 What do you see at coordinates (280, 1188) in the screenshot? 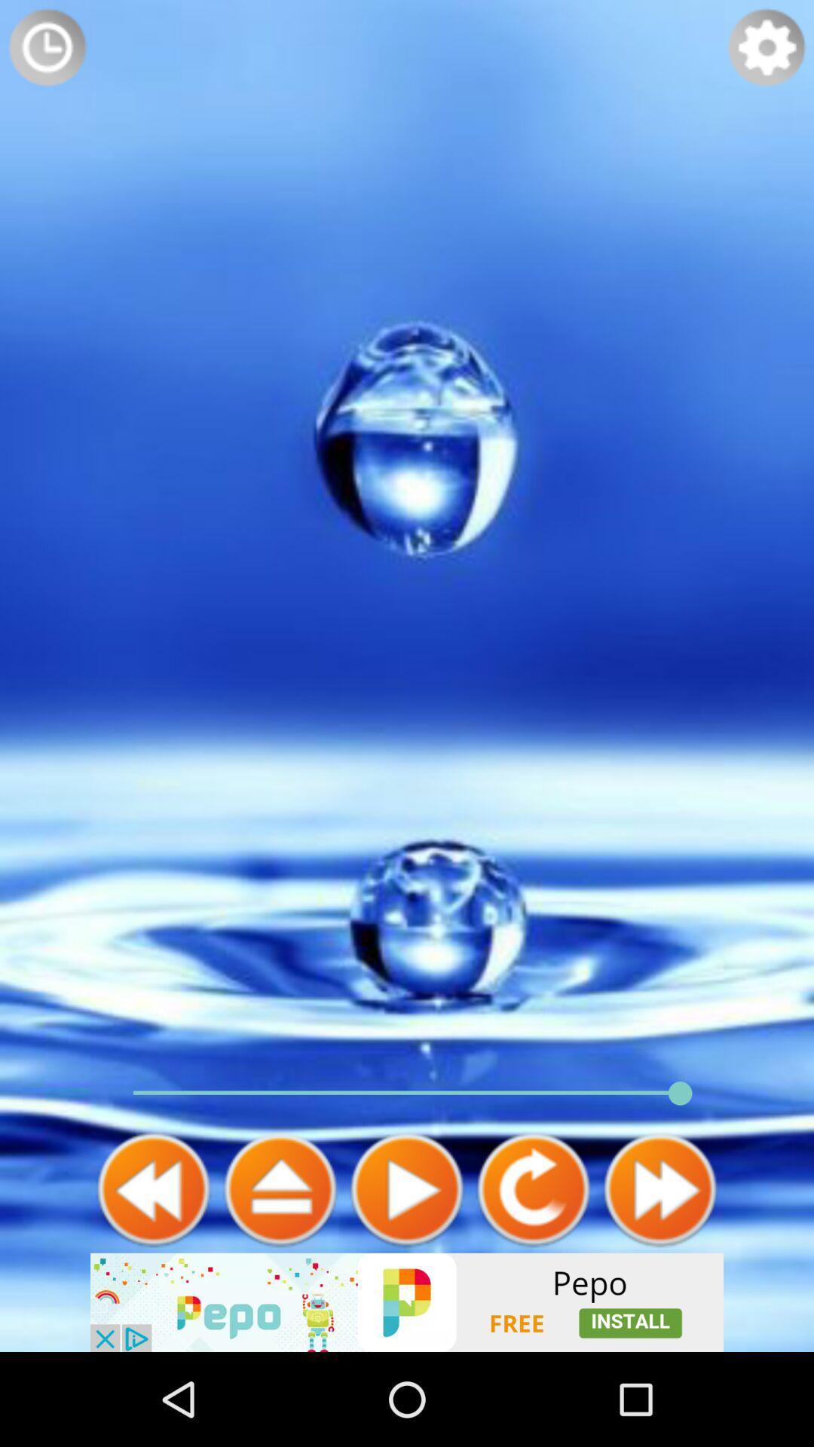
I see `eject` at bounding box center [280, 1188].